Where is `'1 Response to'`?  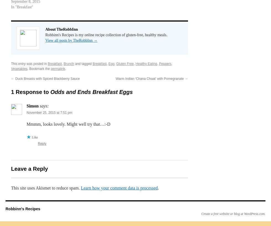 '1 Response to' is located at coordinates (11, 92).